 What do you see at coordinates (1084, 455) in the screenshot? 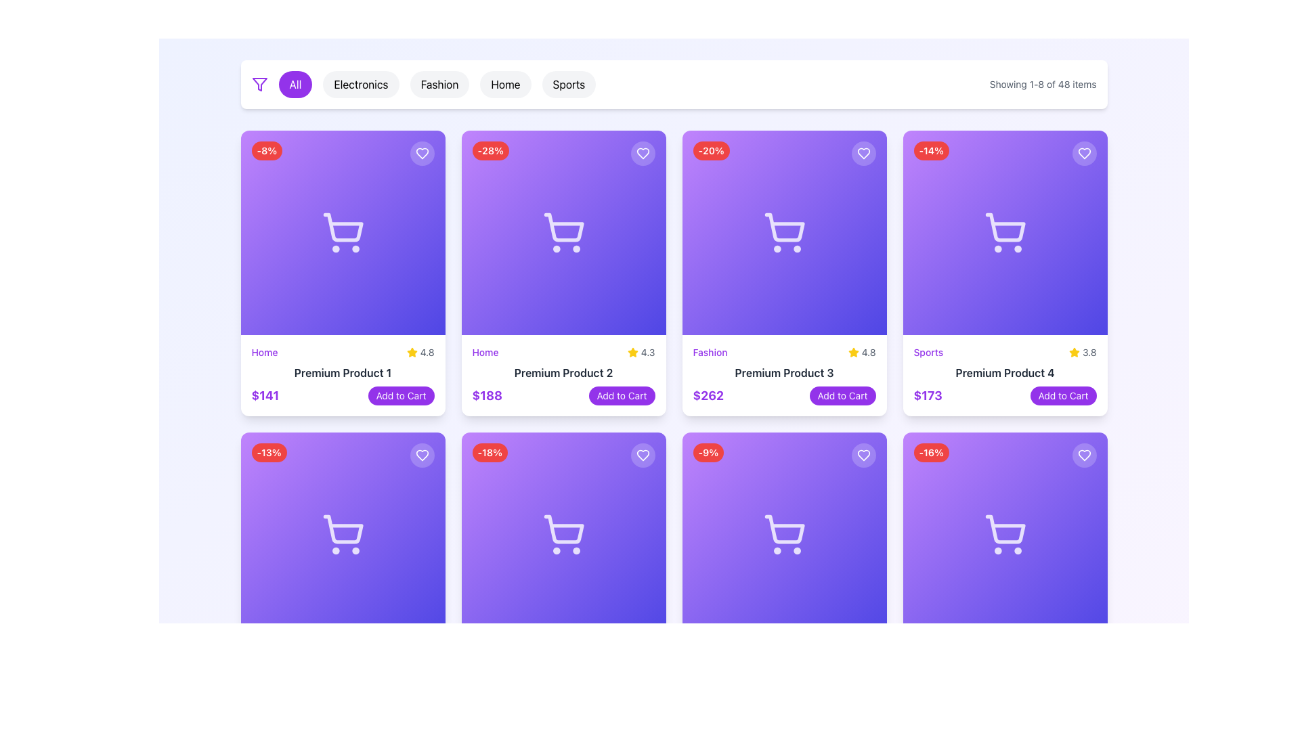
I see `the heart-shaped icon with a hollow interior on the purple background located at the top-right corner of the 'Premium Product 4' card to favorite the product` at bounding box center [1084, 455].